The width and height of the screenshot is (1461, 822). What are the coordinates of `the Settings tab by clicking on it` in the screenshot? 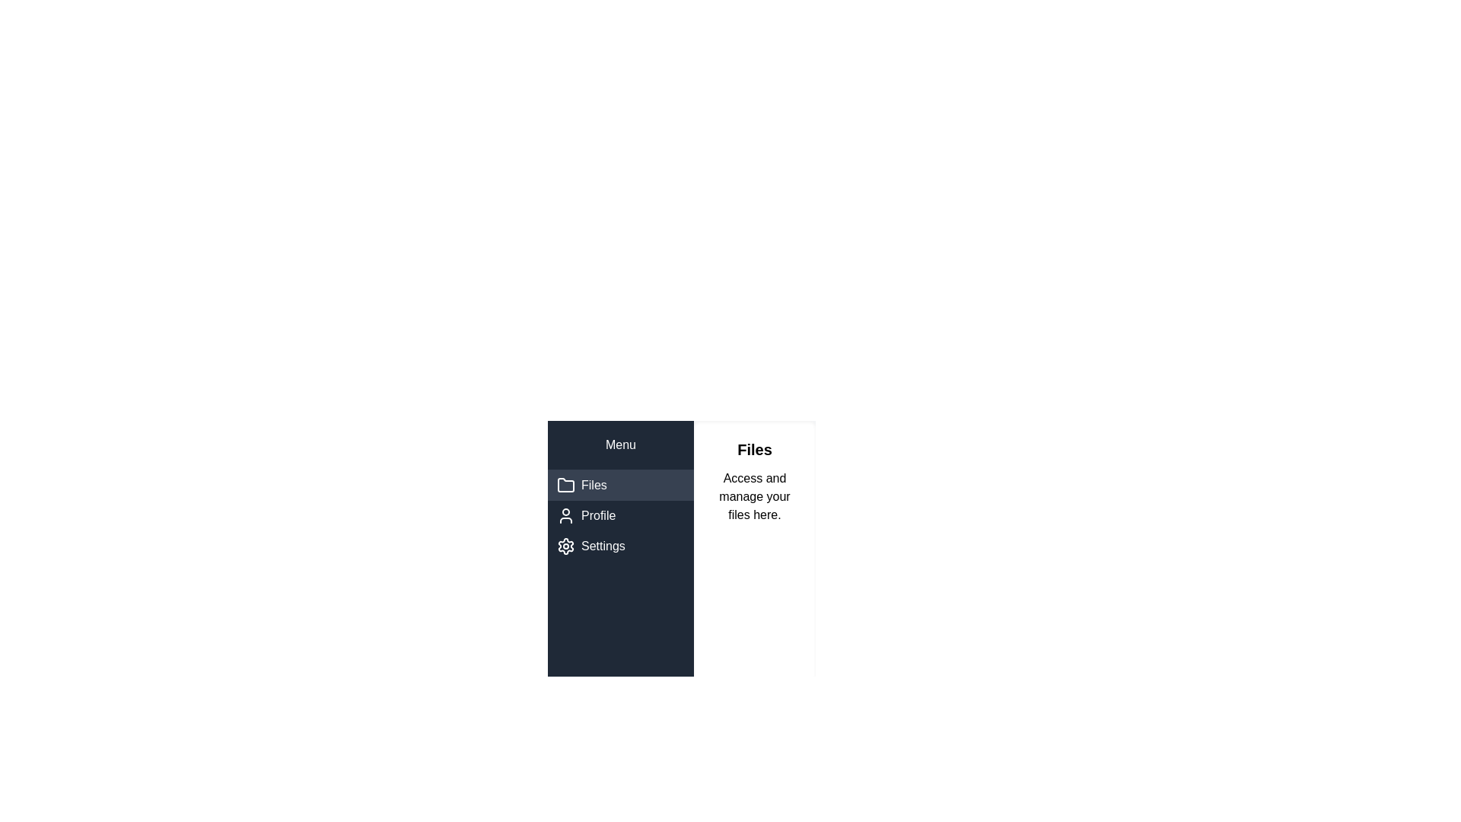 It's located at (621, 545).